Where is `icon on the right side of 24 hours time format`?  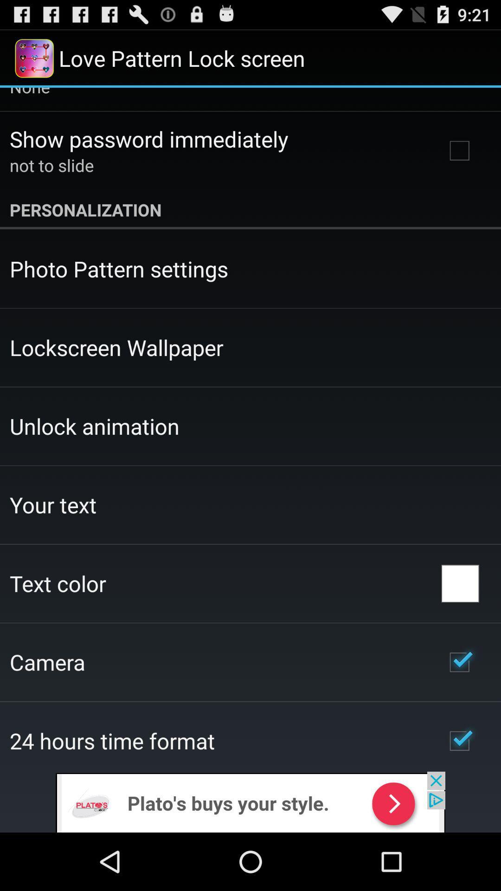
icon on the right side of 24 hours time format is located at coordinates (460, 741).